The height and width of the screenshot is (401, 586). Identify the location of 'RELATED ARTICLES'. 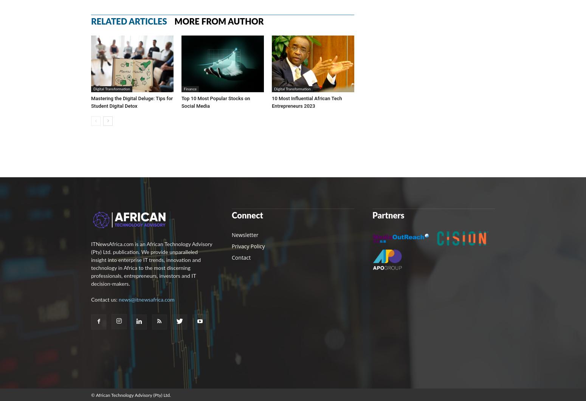
(129, 21).